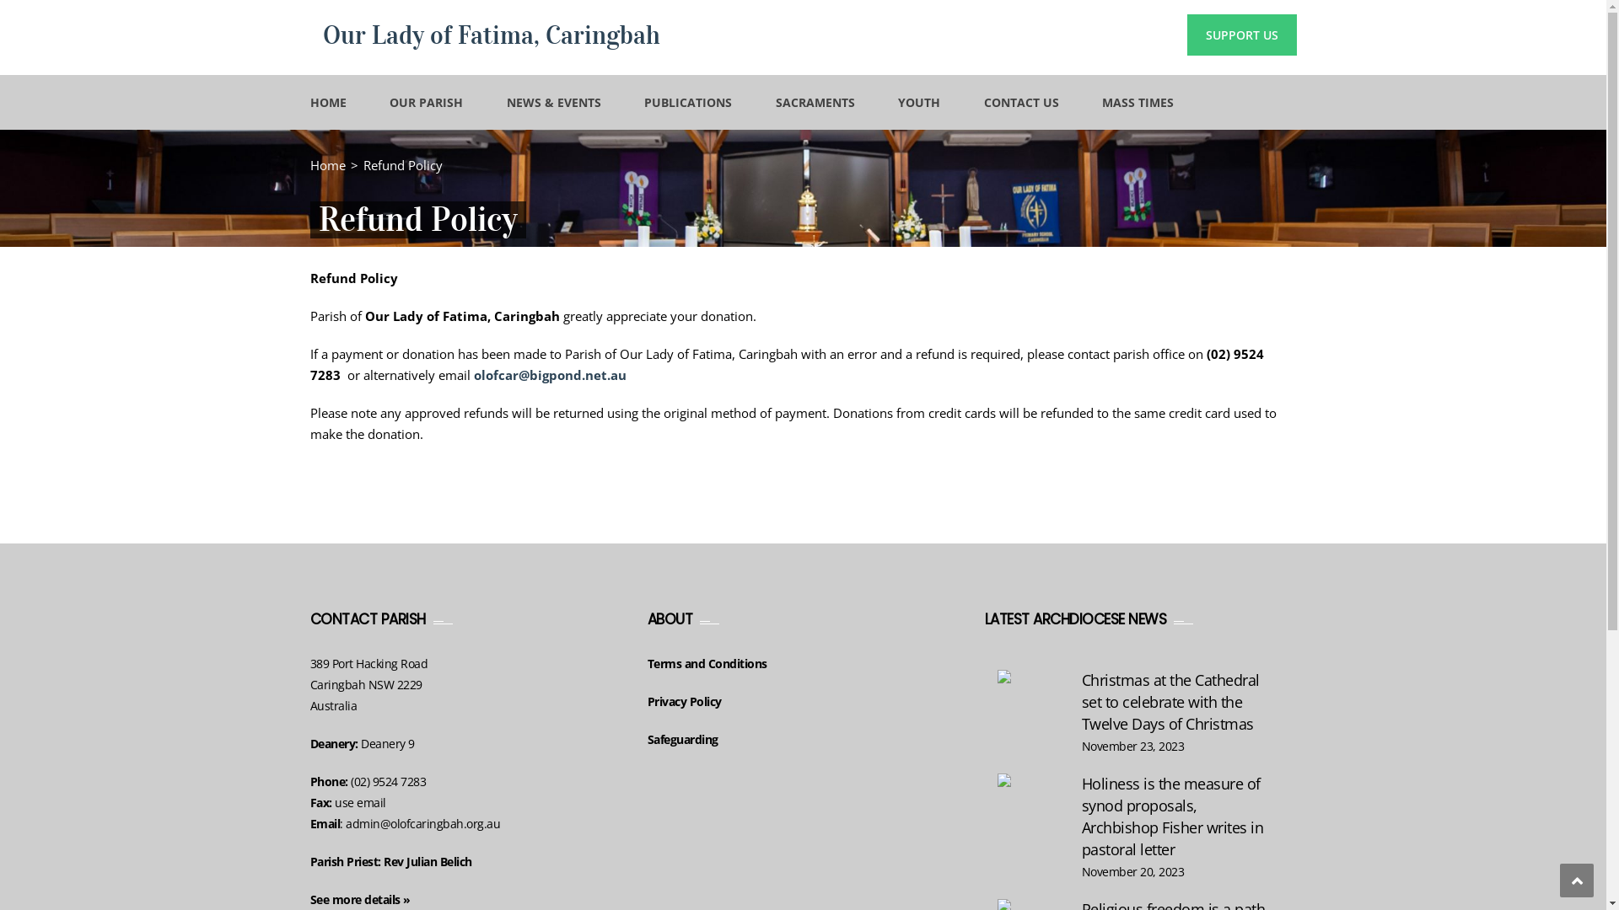 The width and height of the screenshot is (1619, 910). I want to click on 'OUR PARISH', so click(426, 102).